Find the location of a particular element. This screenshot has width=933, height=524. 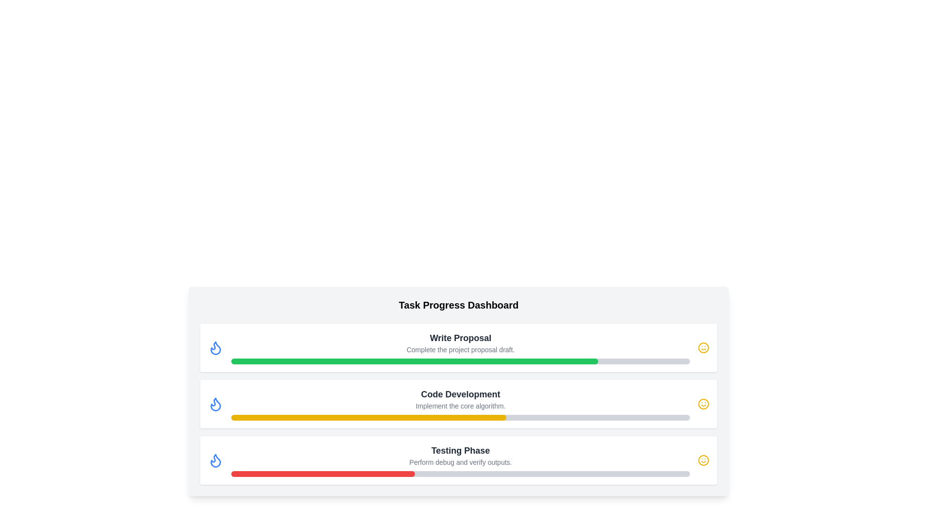

the center circle of the smiley face icon, which indicates task status in the 'Testing Phase' row of the task dashboard is located at coordinates (704, 347).